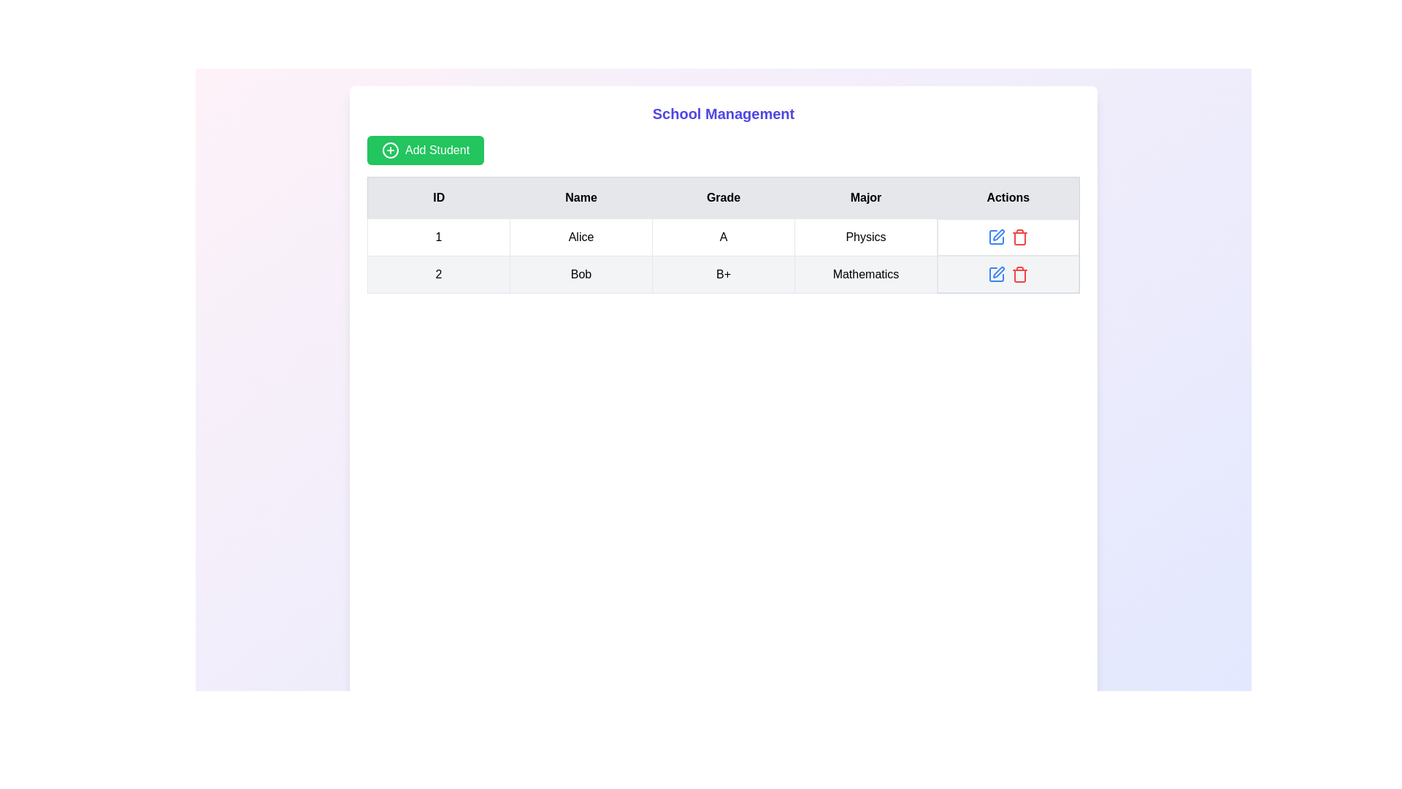 The image size is (1402, 789). Describe the element at coordinates (723, 236) in the screenshot. I see `the table cell displaying the grade 'A' for student 'Alice', which is the third cell in the row with ID '1' under the 'Grade' column` at that location.